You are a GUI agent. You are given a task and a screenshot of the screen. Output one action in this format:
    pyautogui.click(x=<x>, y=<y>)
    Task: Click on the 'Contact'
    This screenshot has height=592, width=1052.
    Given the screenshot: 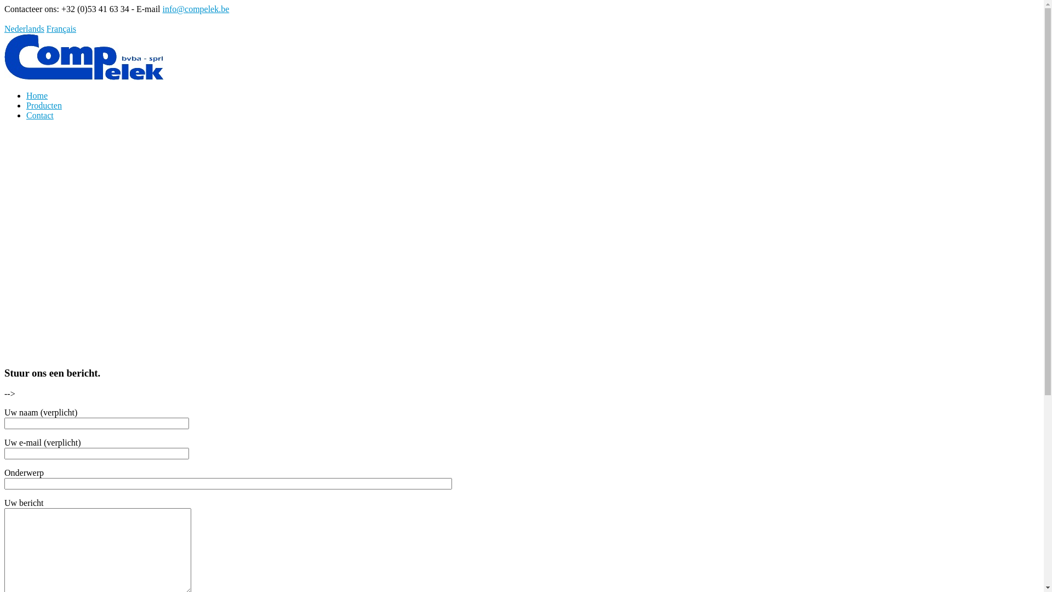 What is the action you would take?
    pyautogui.click(x=39, y=115)
    